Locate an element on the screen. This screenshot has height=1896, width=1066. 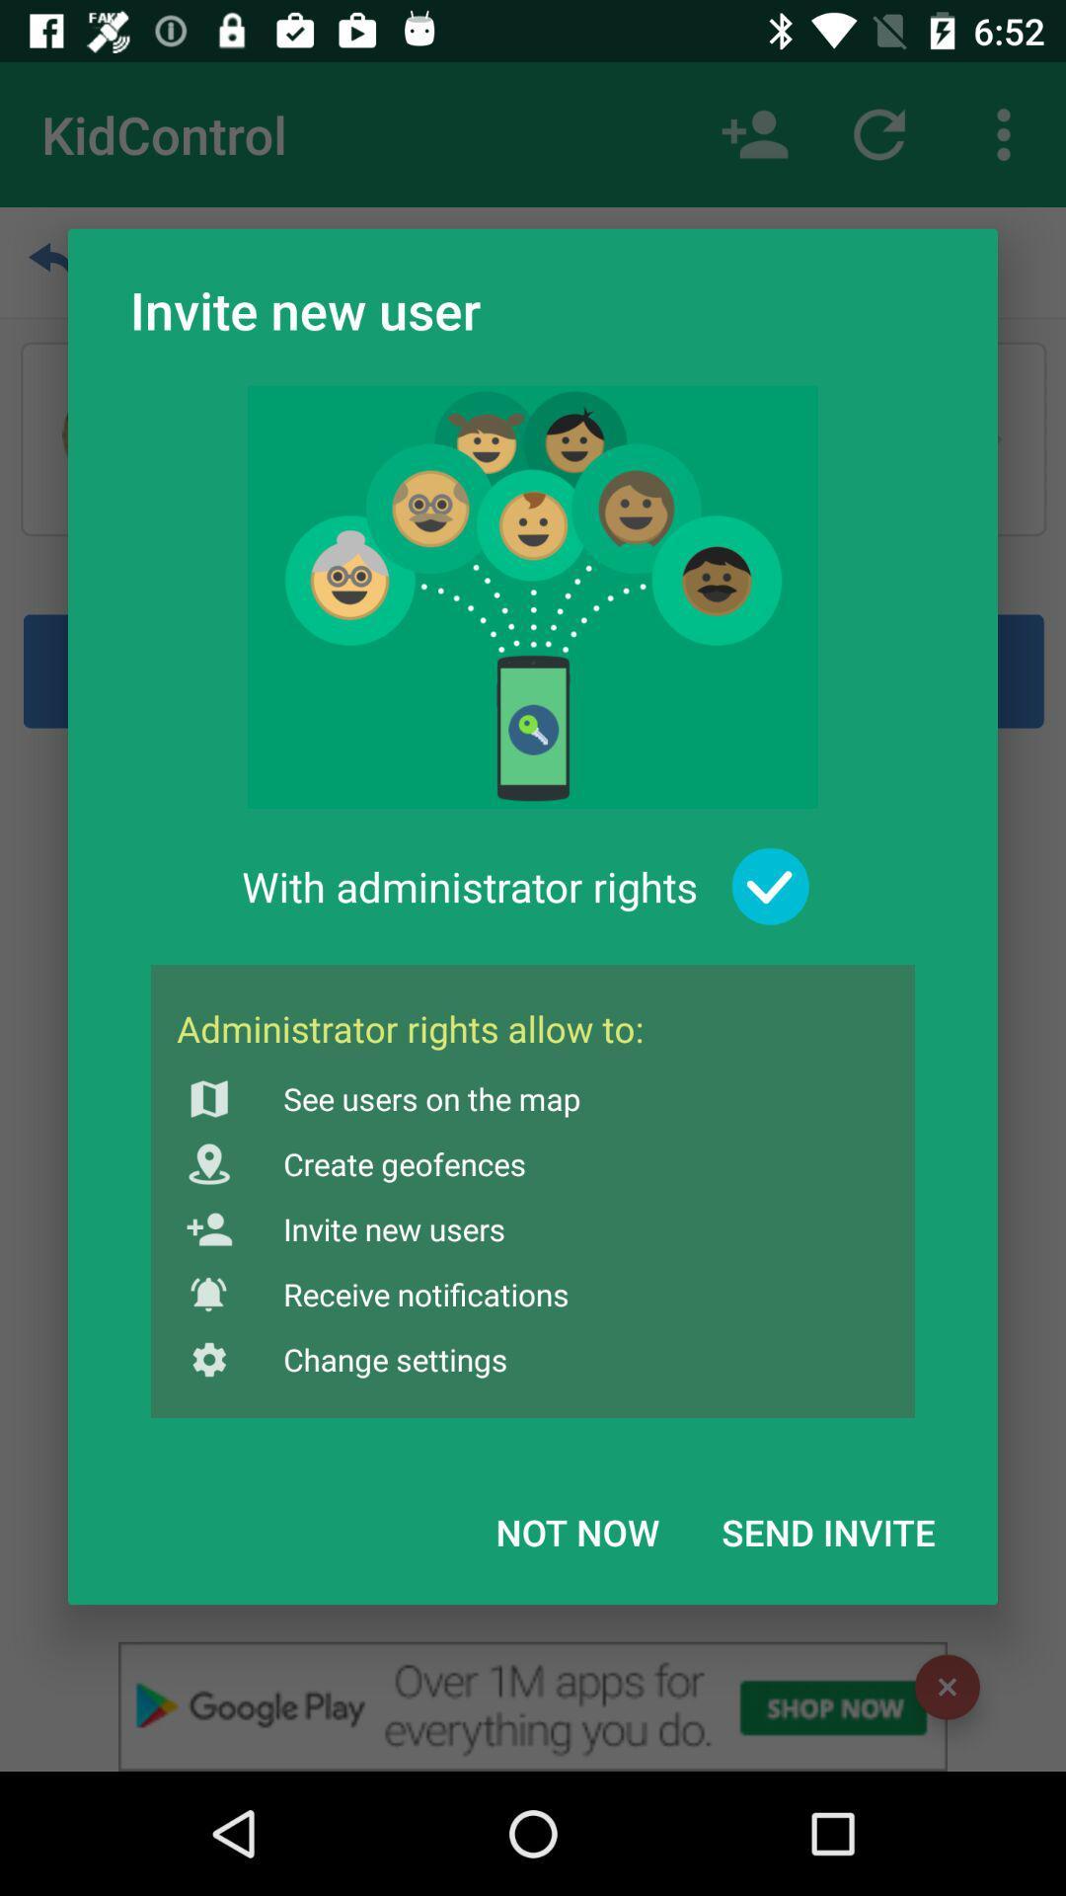
icon next to with administrator rights is located at coordinates (770, 886).